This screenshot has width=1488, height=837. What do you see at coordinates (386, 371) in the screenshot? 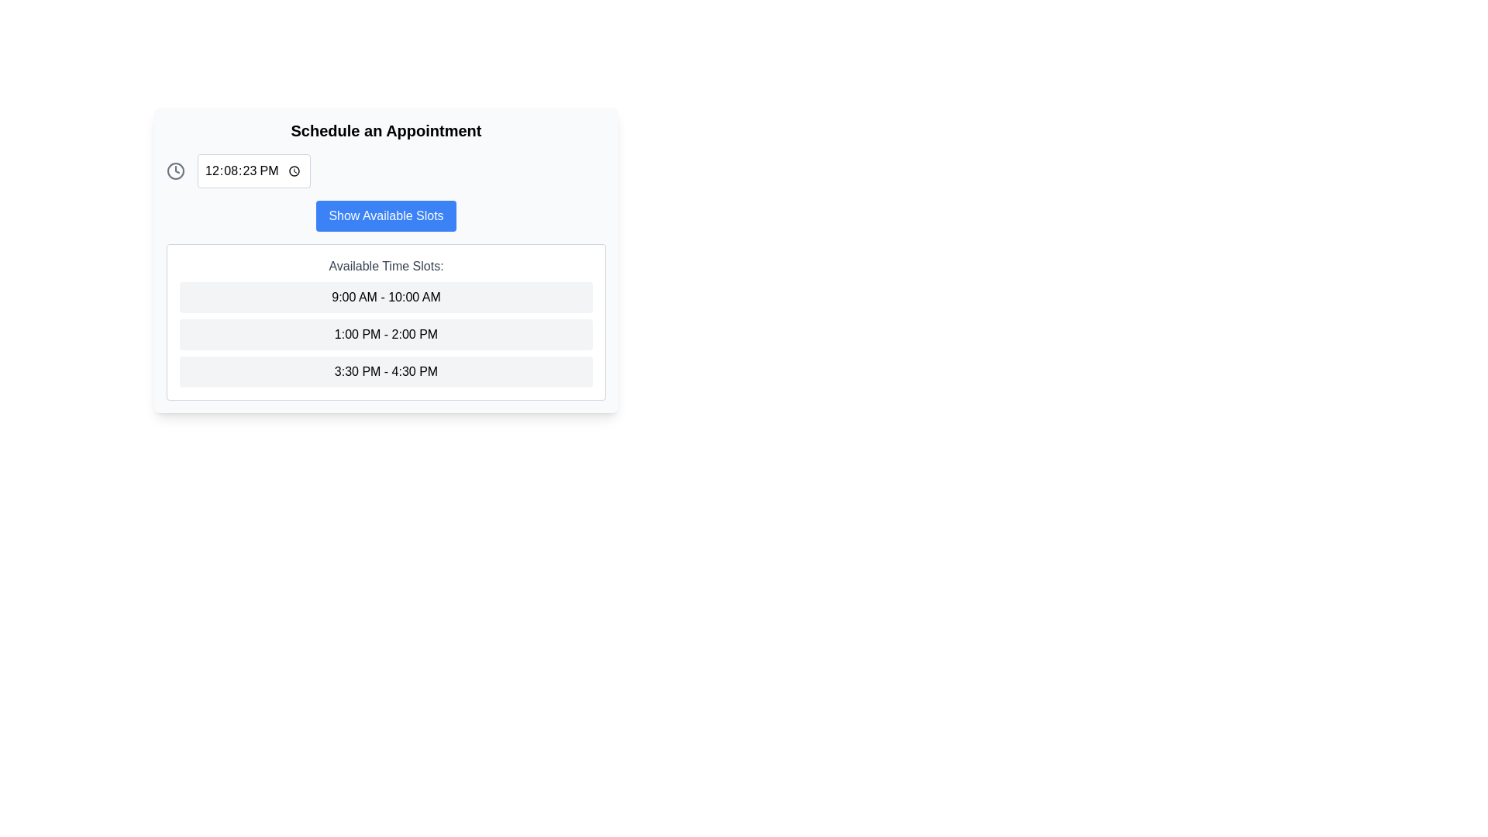
I see `the text label displaying '3:30 PM - 4:30 PM'` at bounding box center [386, 371].